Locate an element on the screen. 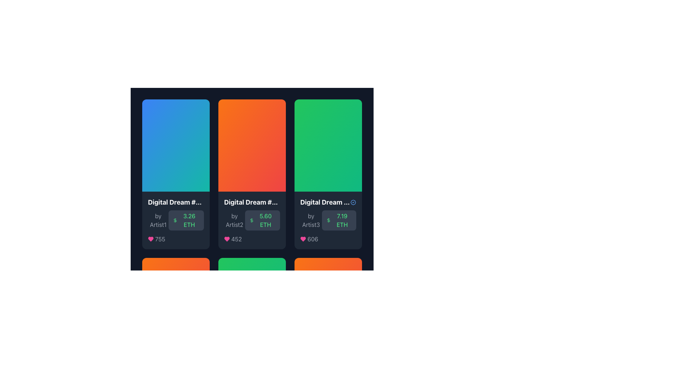  the bottom section of the card that provides information about a specific digital asset, including its title, creator, price in cryptocurrency, and popularity score is located at coordinates (176, 220).